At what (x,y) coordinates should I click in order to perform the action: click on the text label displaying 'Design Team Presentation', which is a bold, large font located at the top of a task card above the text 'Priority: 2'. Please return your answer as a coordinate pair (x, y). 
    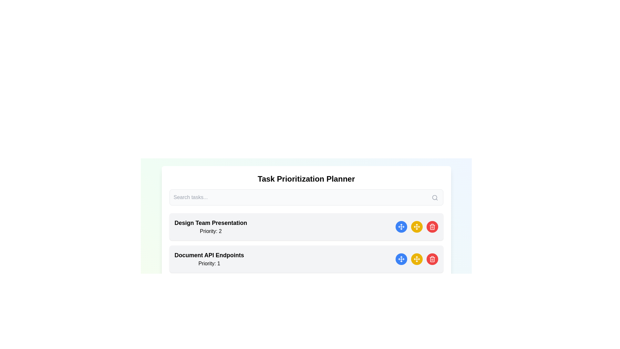
    Looking at the image, I should click on (211, 223).